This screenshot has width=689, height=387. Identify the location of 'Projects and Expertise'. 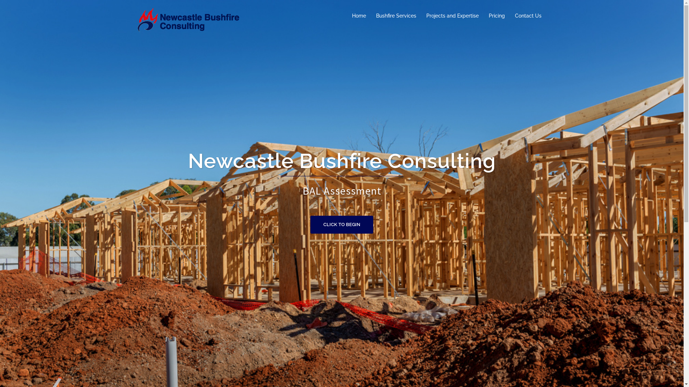
(452, 15).